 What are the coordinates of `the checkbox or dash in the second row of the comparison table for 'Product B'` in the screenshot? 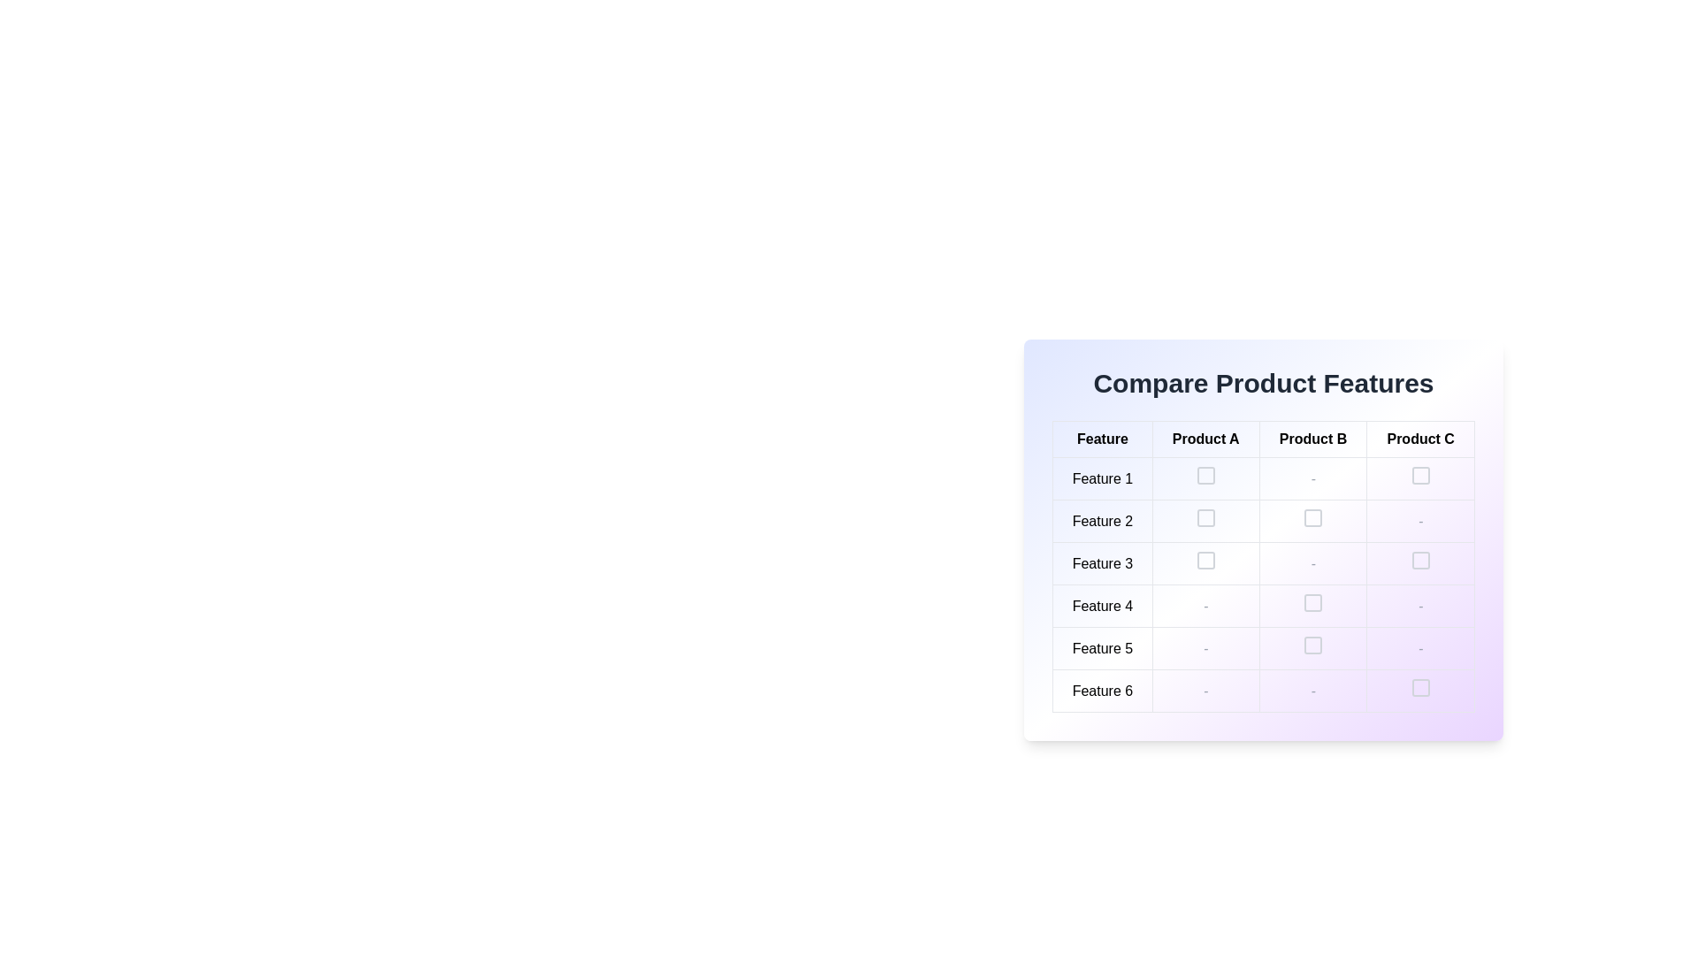 It's located at (1263, 539).